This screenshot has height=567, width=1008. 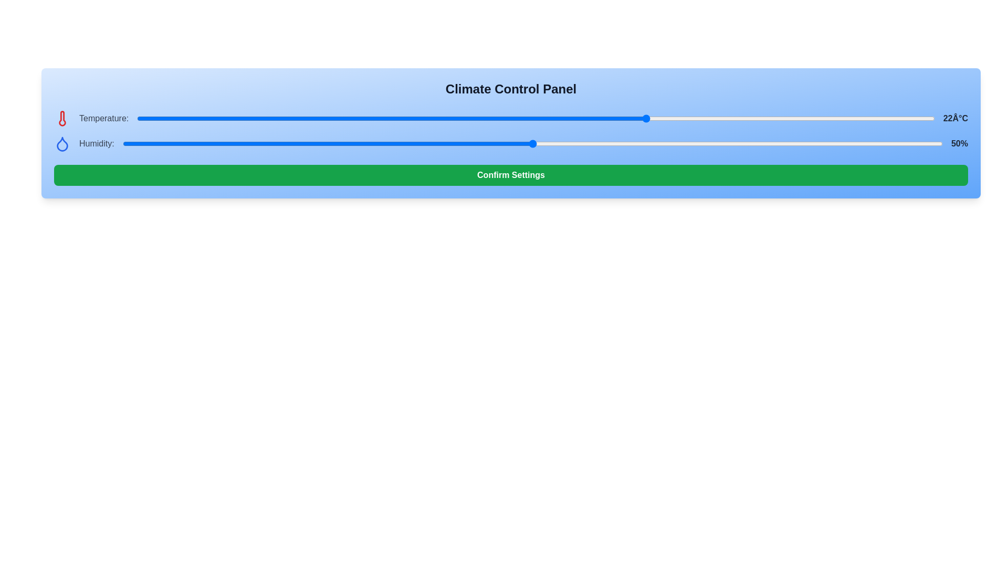 What do you see at coordinates (312, 118) in the screenshot?
I see `the temperature slider to 1 degrees Celsius` at bounding box center [312, 118].